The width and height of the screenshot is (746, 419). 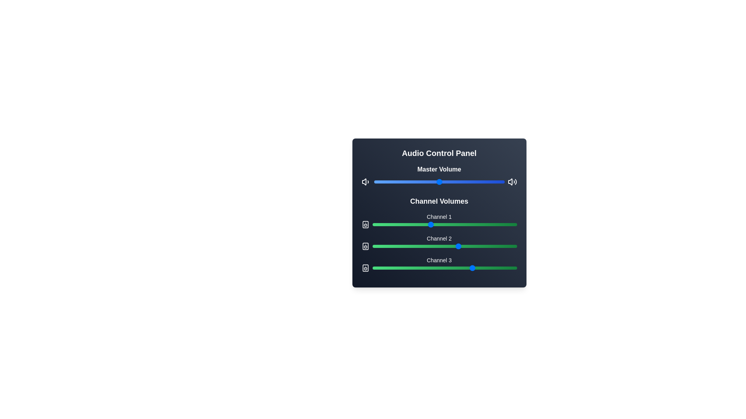 What do you see at coordinates (401, 266) in the screenshot?
I see `the 'Channel 3' volume slider` at bounding box center [401, 266].